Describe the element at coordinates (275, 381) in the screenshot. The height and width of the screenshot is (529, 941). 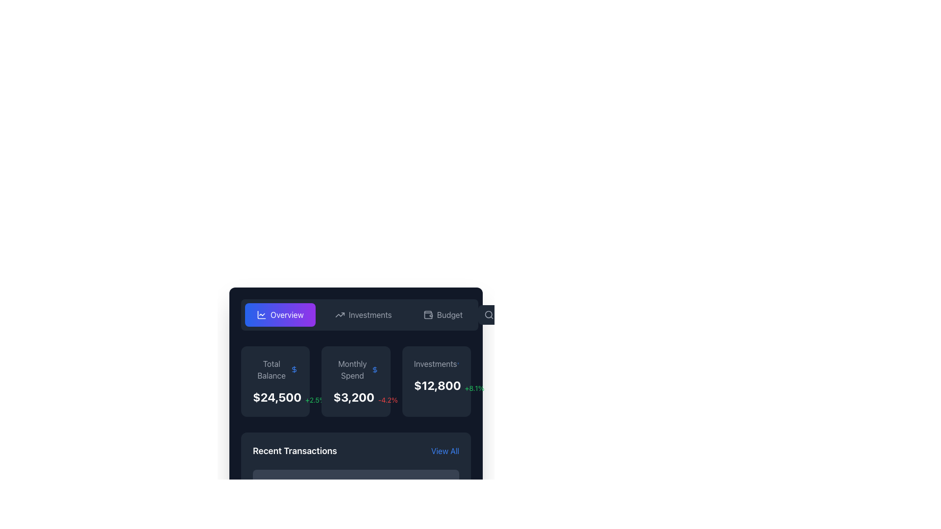
I see `total balance summary displayed on the first Information card located in the leftmost column of the grid layout` at that location.